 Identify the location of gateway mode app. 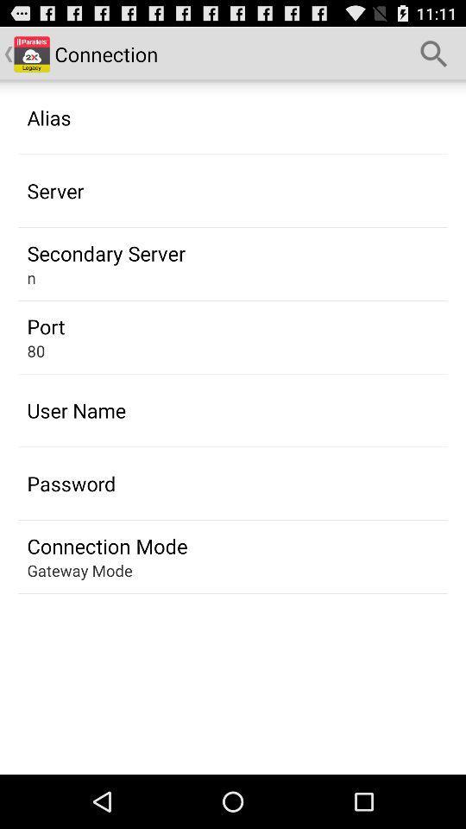
(79, 569).